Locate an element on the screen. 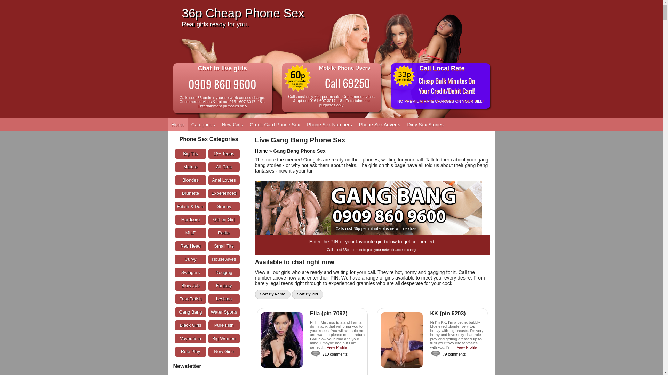  'Categories' is located at coordinates (203, 124).